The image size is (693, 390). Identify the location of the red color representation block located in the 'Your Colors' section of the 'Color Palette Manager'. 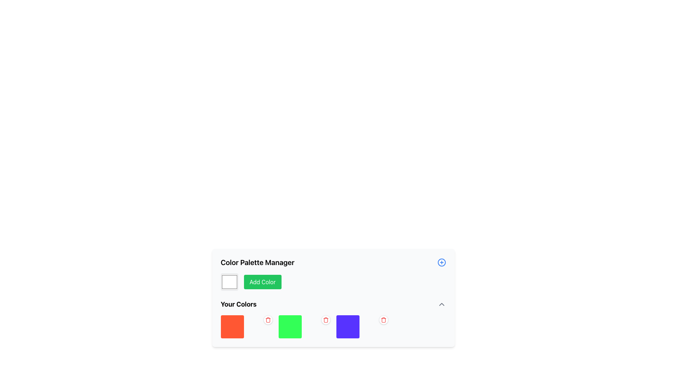
(232, 327).